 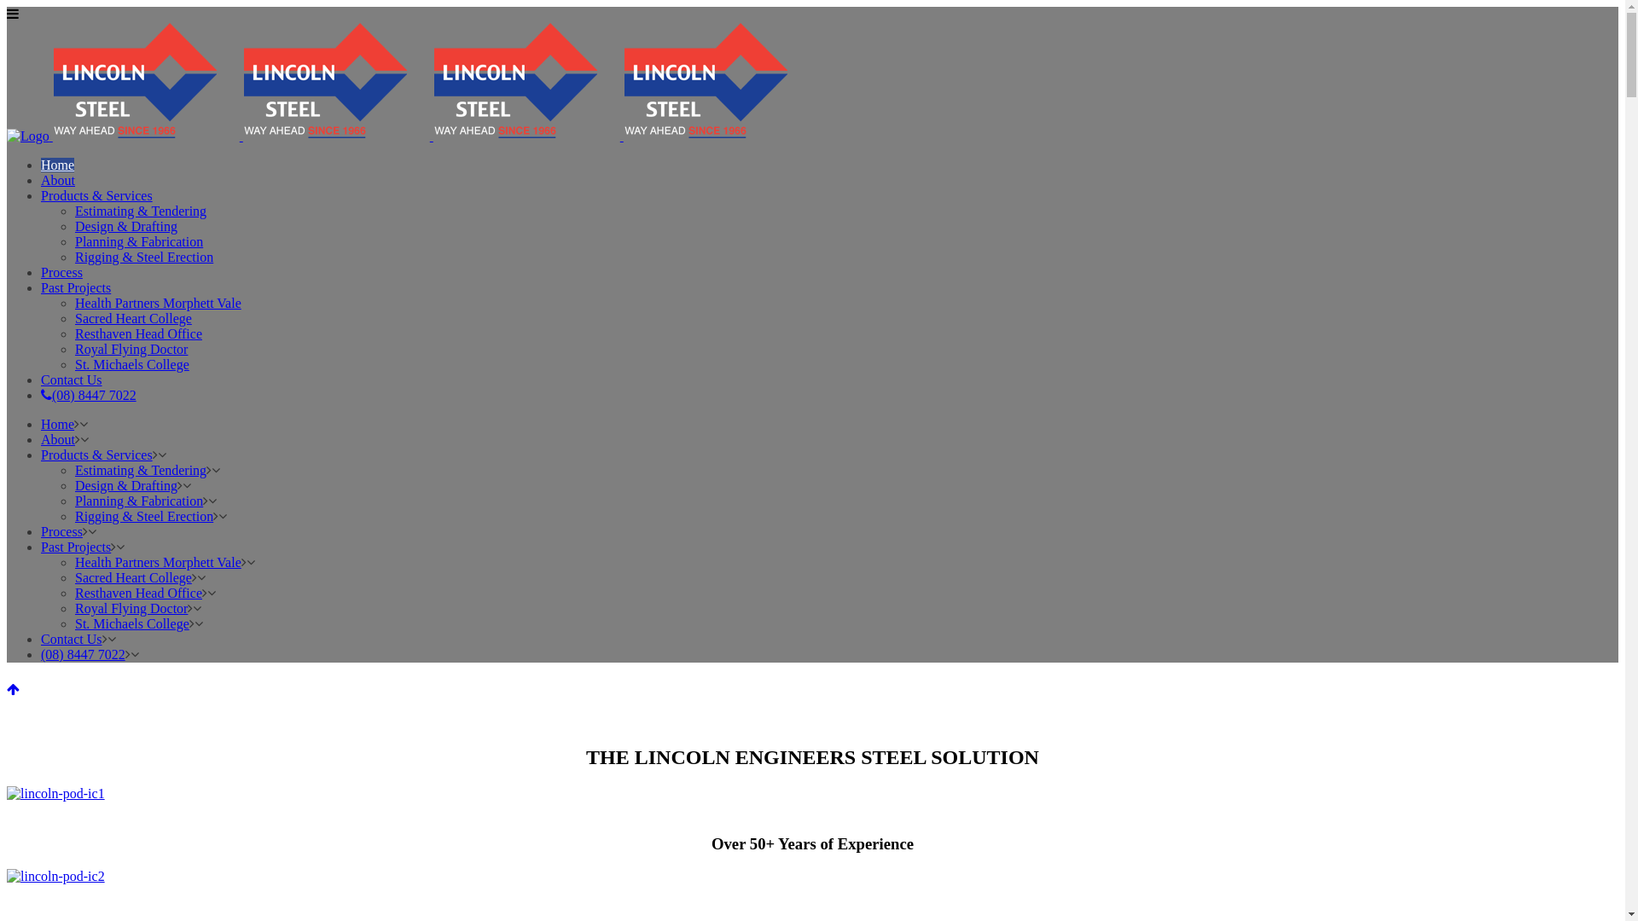 What do you see at coordinates (70, 379) in the screenshot?
I see `'Contact Us'` at bounding box center [70, 379].